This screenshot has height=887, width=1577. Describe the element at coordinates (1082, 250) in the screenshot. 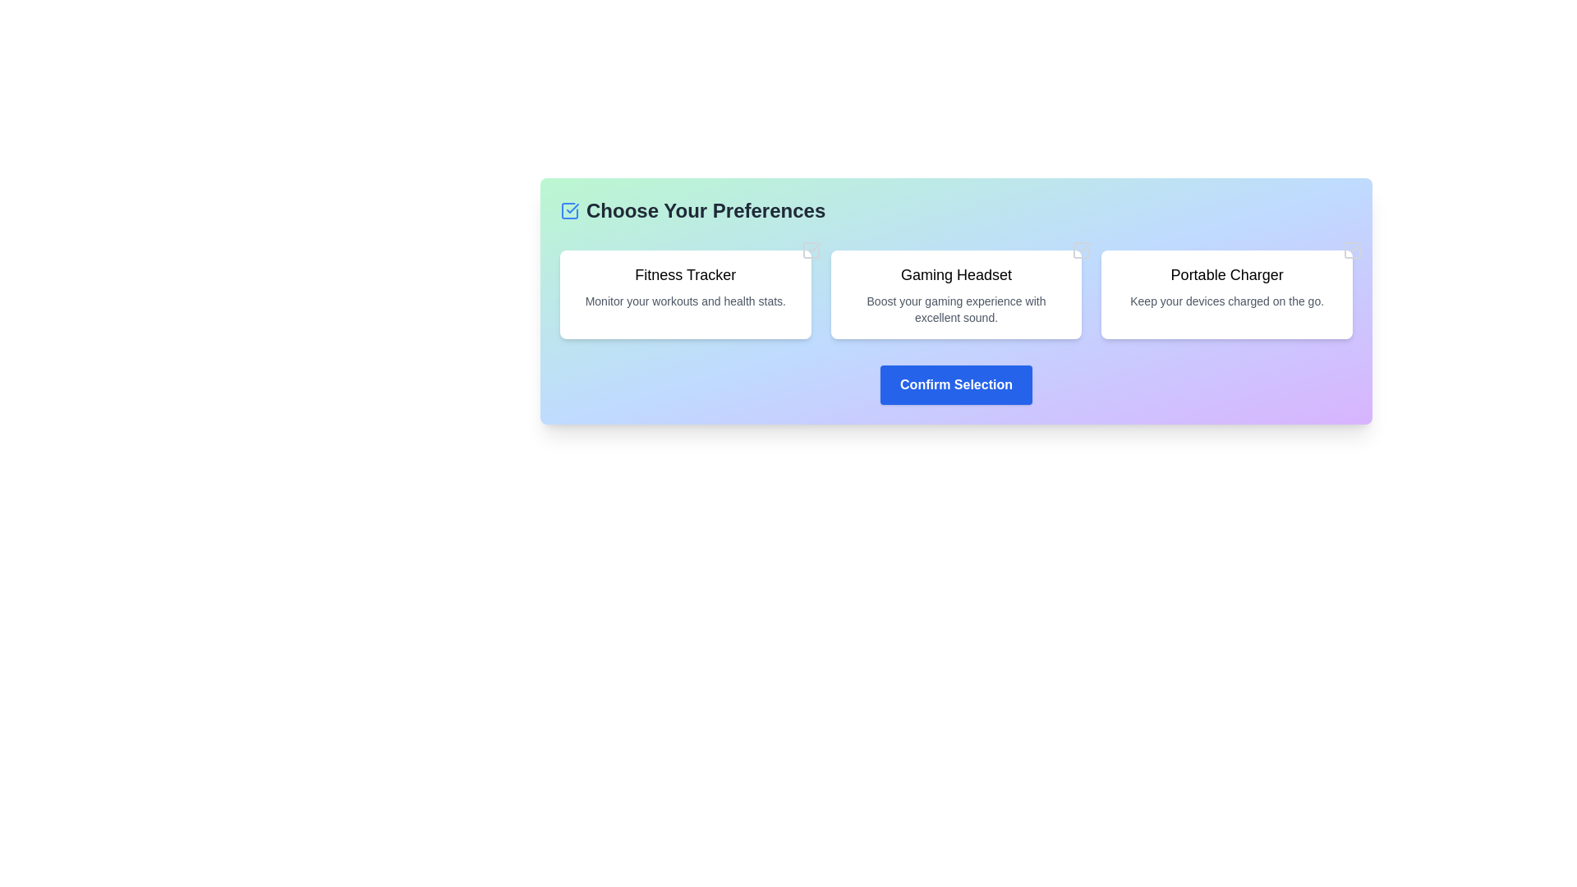

I see `the color change of the checkmark icon in the upper-right corner of the 'Gaming Headset' card when it is selected` at that location.